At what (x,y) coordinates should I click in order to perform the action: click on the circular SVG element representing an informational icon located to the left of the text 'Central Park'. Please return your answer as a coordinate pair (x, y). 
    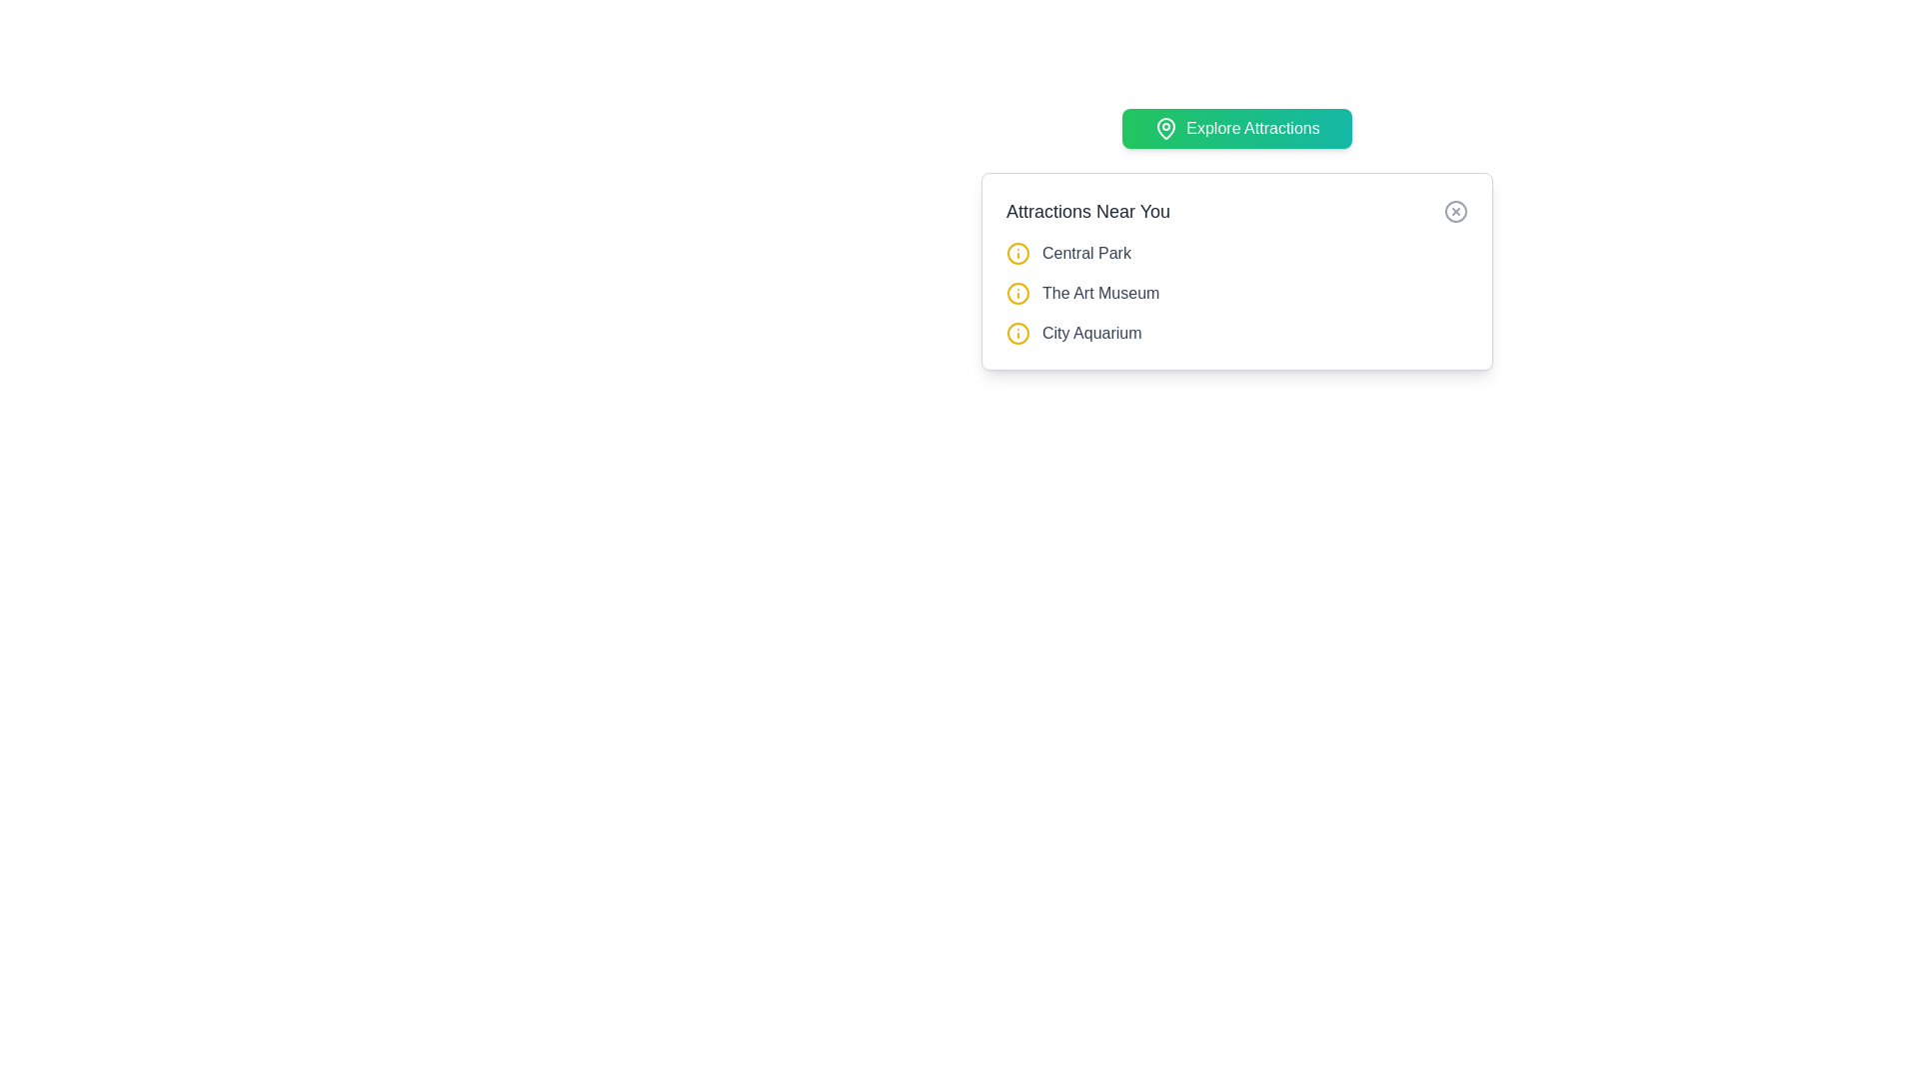
    Looking at the image, I should click on (1017, 293).